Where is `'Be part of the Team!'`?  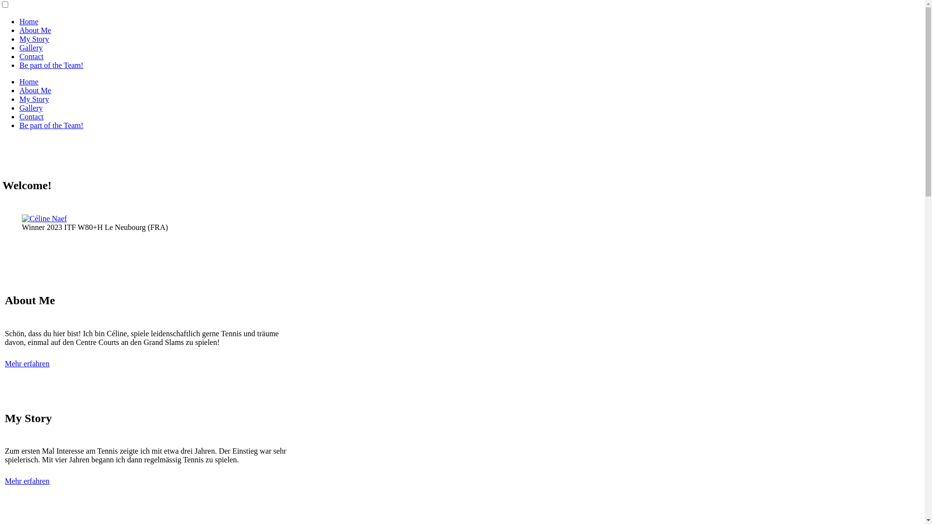 'Be part of the Team!' is located at coordinates (50, 65).